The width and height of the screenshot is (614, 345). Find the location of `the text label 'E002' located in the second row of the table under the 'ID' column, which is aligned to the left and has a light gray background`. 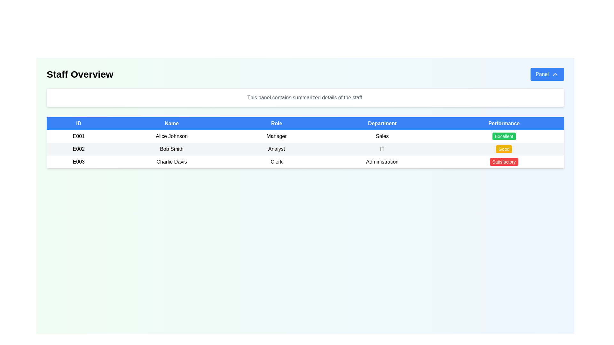

the text label 'E002' located in the second row of the table under the 'ID' column, which is aligned to the left and has a light gray background is located at coordinates (78, 149).